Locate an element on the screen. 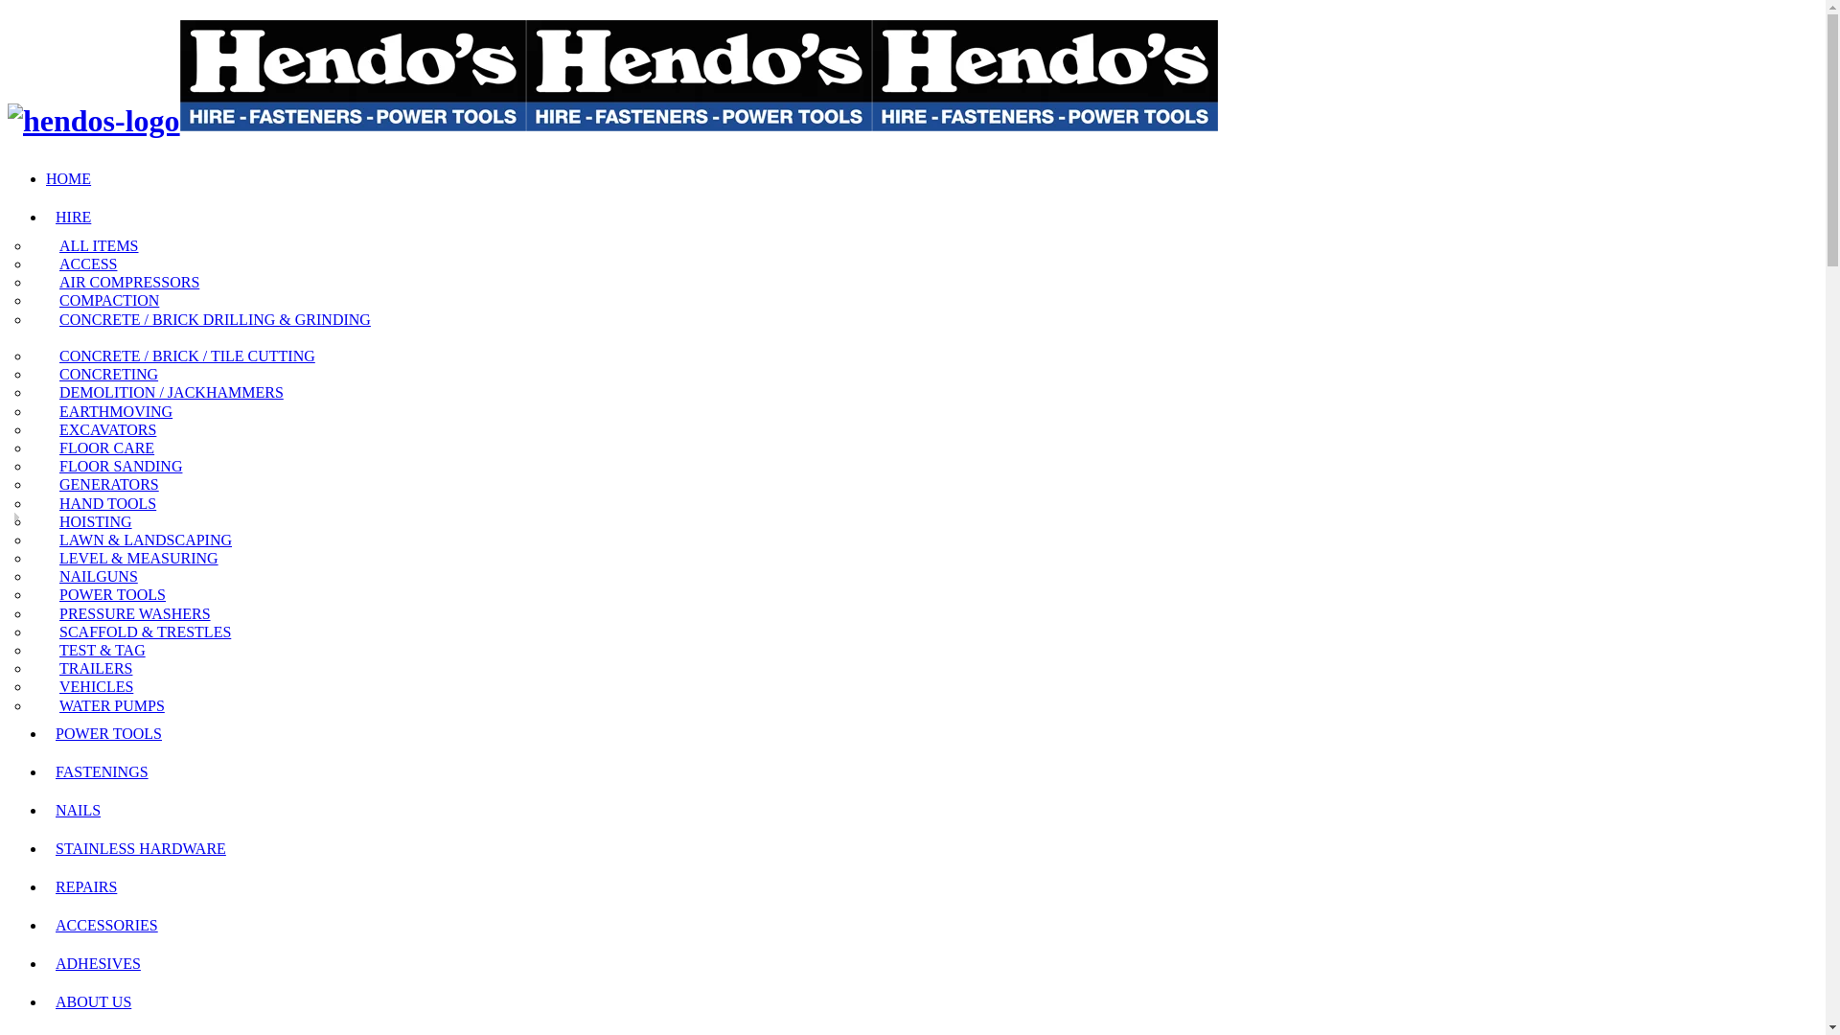  'CONCRETE / BRICK DRILLING & GRINDING' is located at coordinates (200, 328).